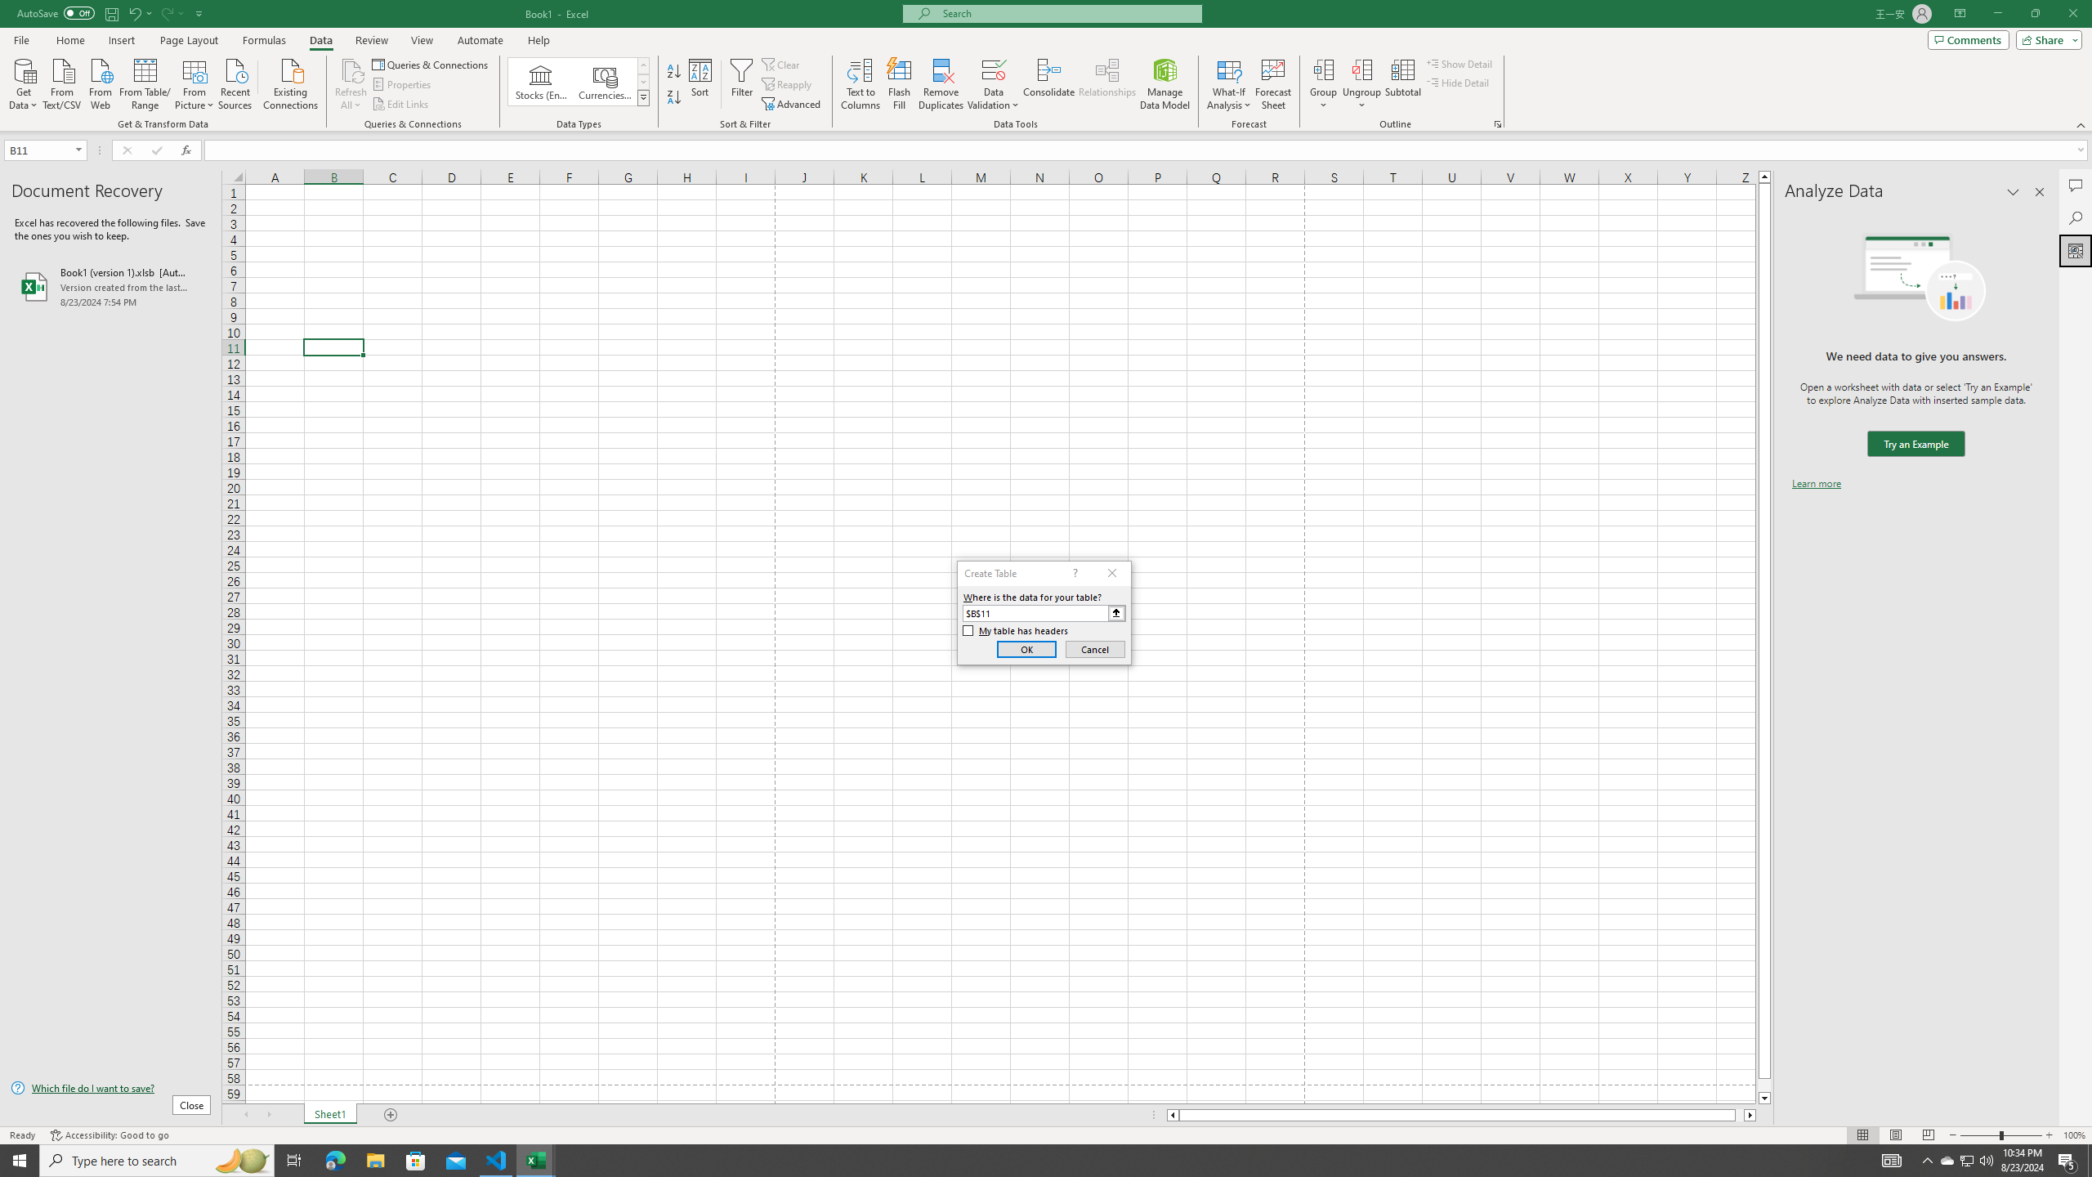 The width and height of the screenshot is (2092, 1177). What do you see at coordinates (579, 81) in the screenshot?
I see `'AutomationID: ConvertToLinkedEntity'` at bounding box center [579, 81].